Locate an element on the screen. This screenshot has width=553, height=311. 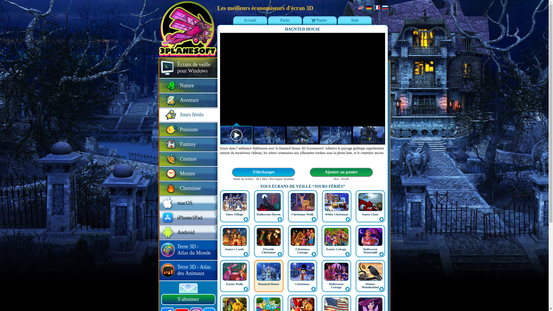
'Cheminee' is located at coordinates (188, 189).